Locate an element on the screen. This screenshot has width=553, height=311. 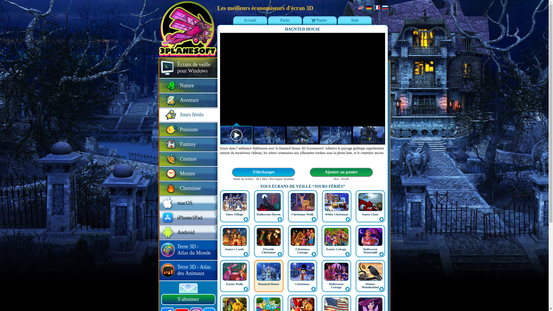
'Cheminee' is located at coordinates (188, 189).